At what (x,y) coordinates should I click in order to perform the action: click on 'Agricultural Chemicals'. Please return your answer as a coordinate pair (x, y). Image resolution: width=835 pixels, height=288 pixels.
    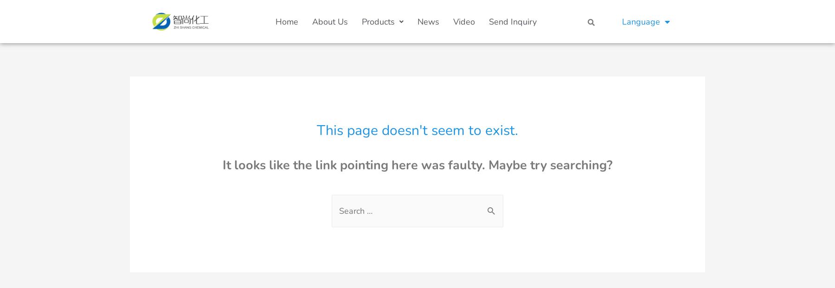
    Looking at the image, I should click on (409, 196).